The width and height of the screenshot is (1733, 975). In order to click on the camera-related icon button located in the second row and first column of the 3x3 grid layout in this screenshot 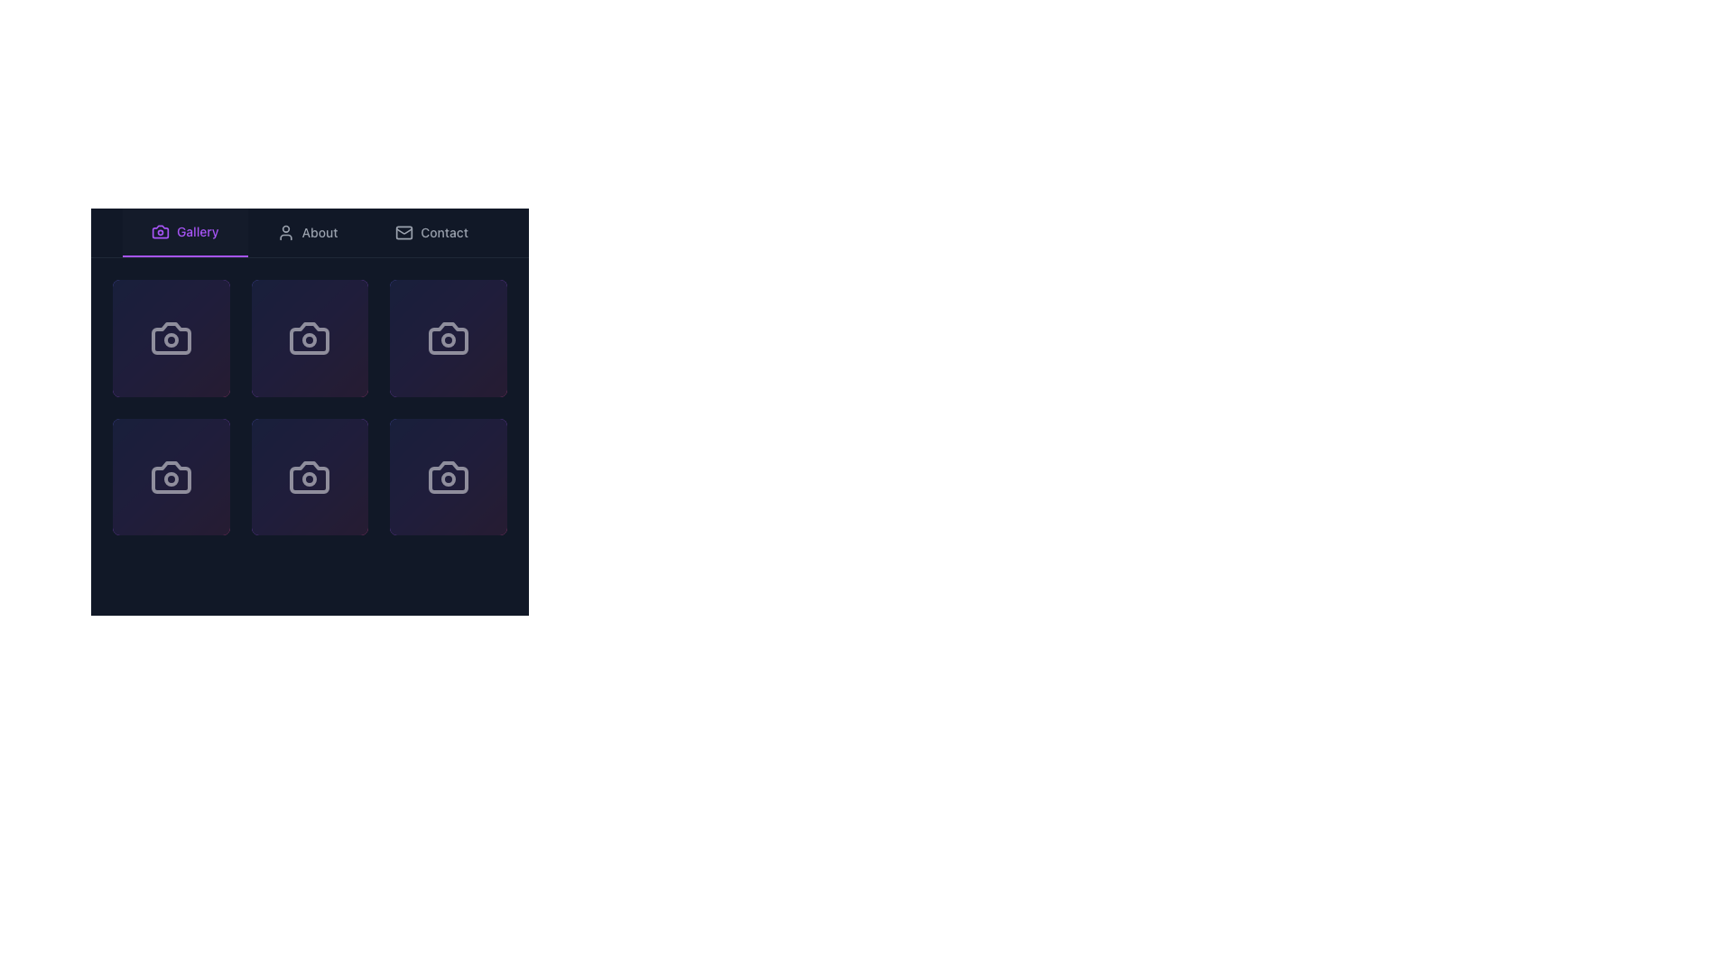, I will do `click(171, 476)`.